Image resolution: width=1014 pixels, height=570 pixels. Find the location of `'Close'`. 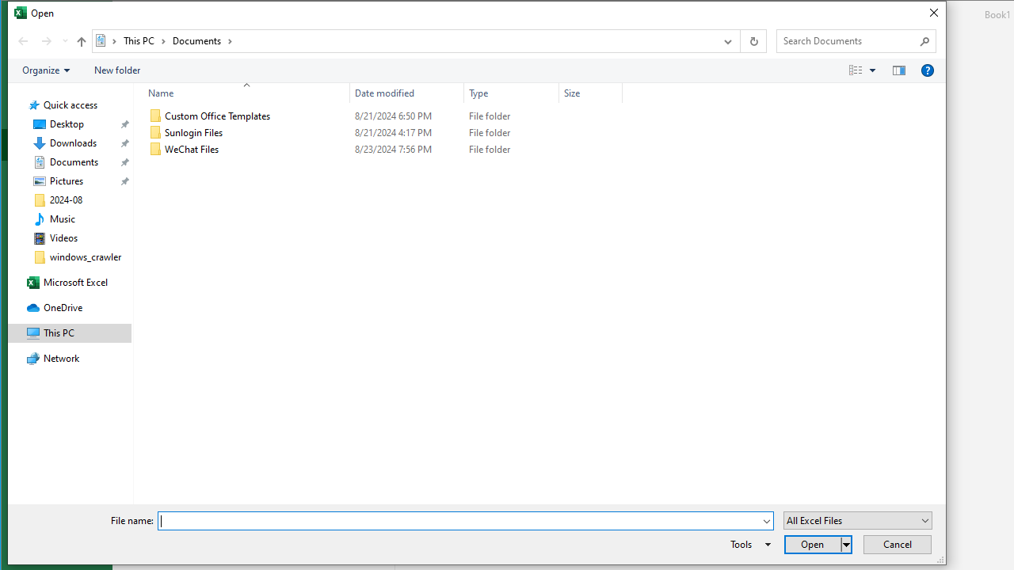

'Close' is located at coordinates (933, 13).